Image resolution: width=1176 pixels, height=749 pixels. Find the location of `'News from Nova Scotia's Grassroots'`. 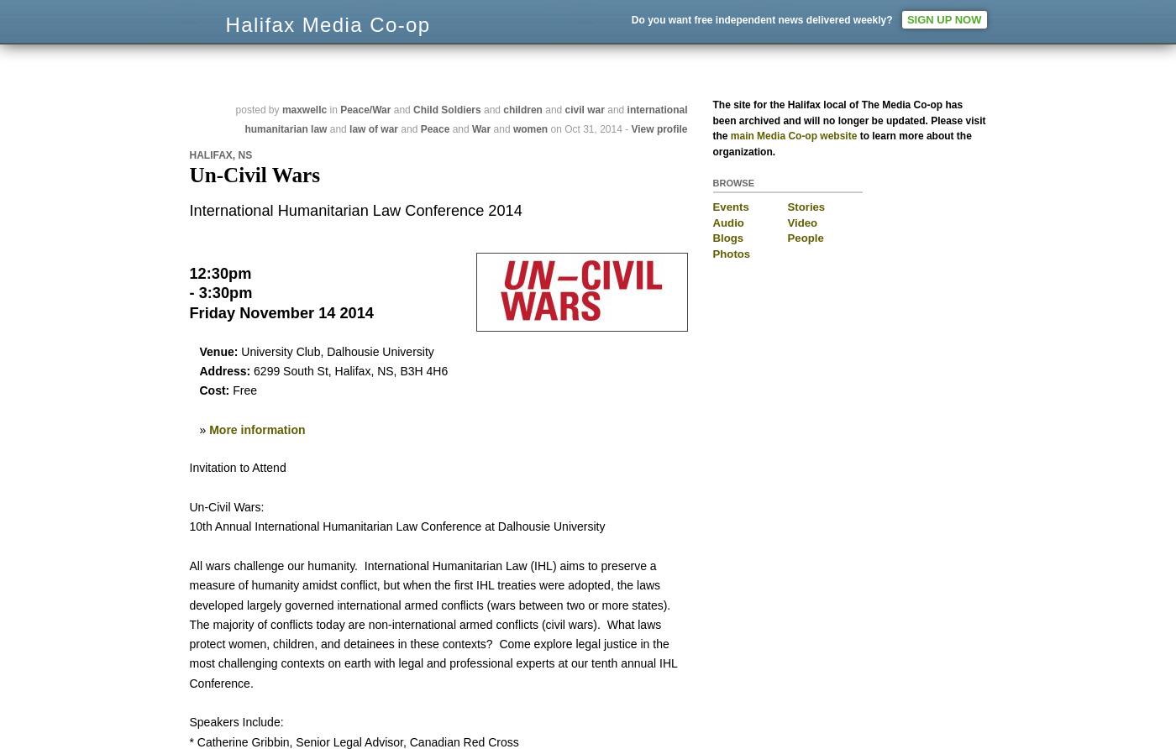

'News from Nova Scotia's Grassroots' is located at coordinates (398, 67).